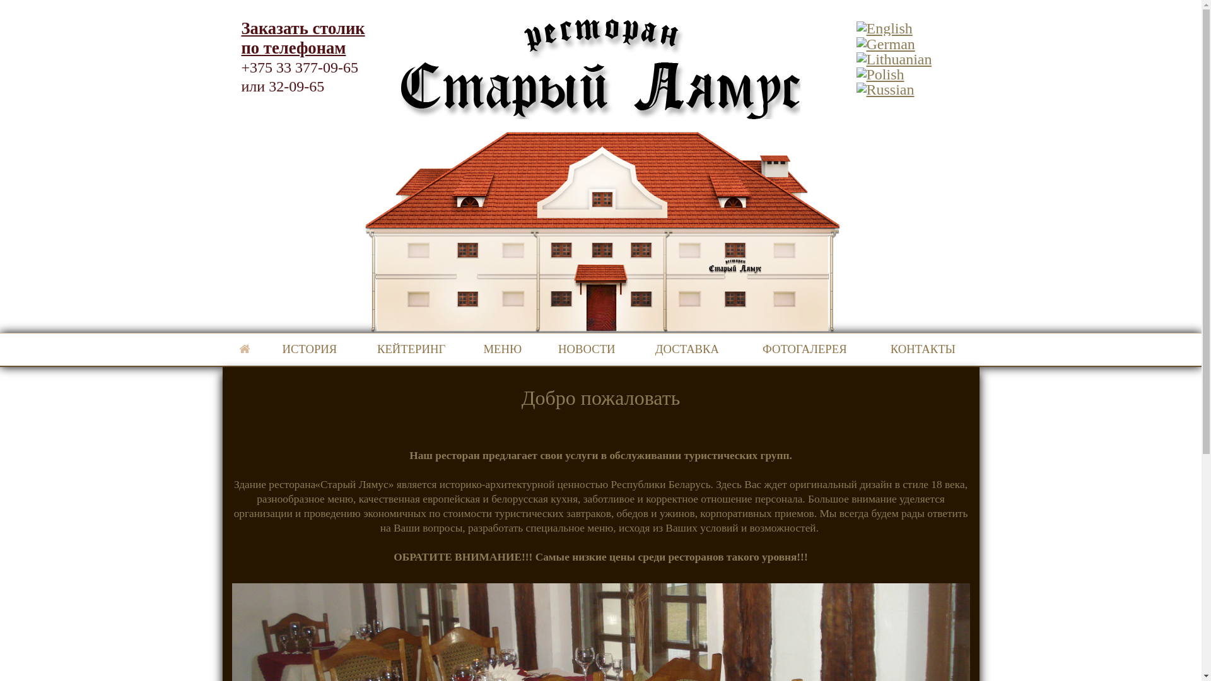 The image size is (1211, 681). Describe the element at coordinates (884, 26) in the screenshot. I see `'English'` at that location.